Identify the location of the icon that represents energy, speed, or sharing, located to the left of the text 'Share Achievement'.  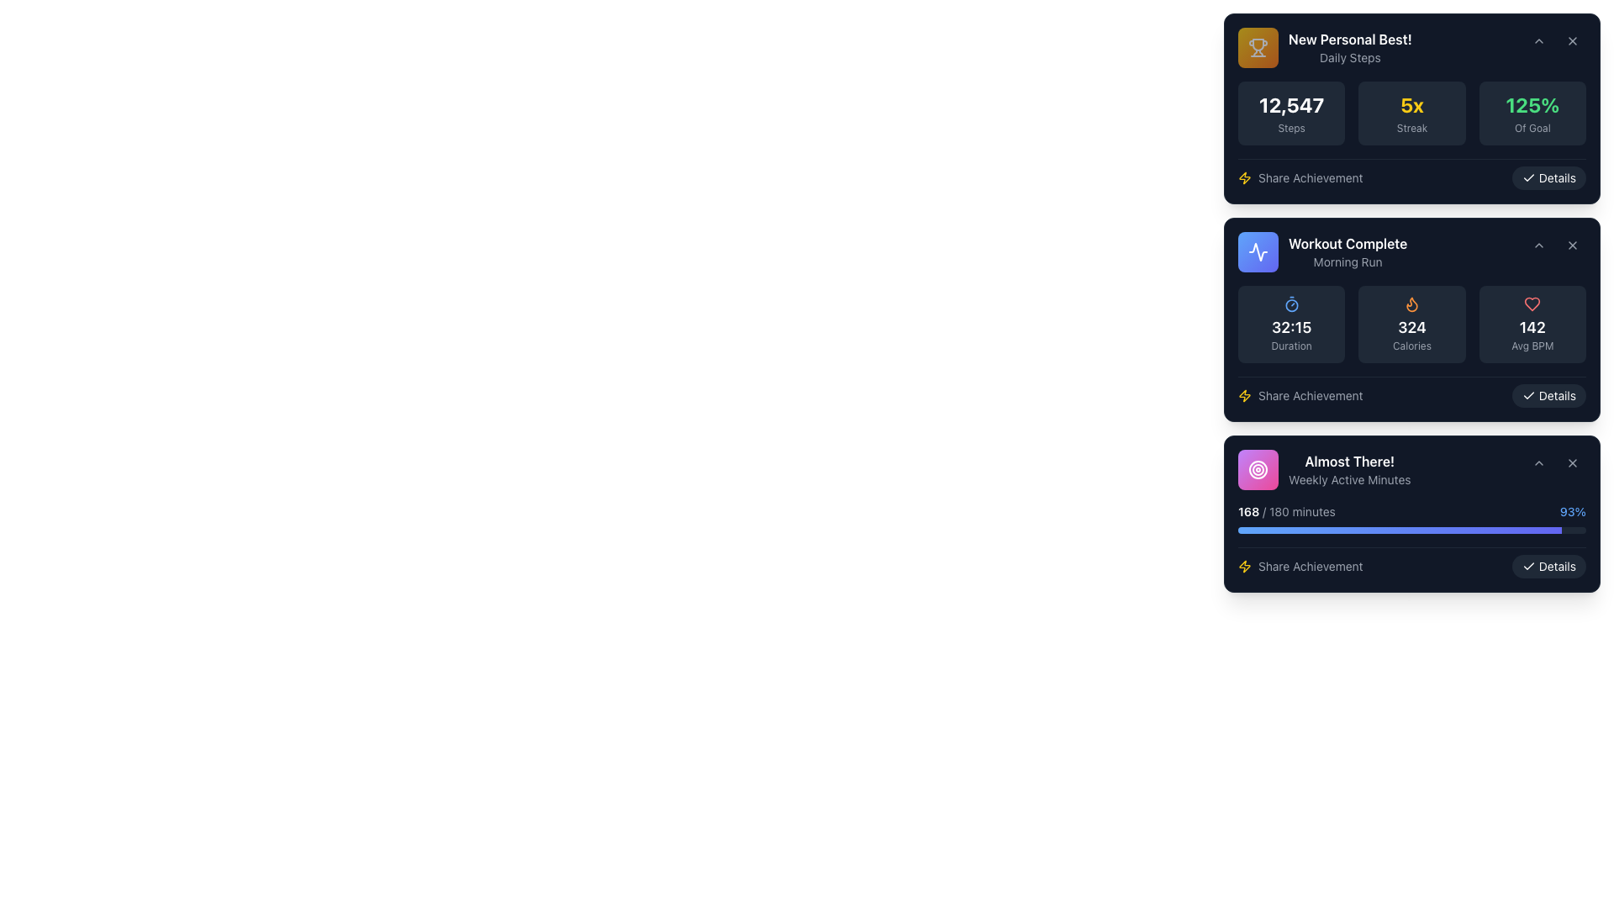
(1245, 567).